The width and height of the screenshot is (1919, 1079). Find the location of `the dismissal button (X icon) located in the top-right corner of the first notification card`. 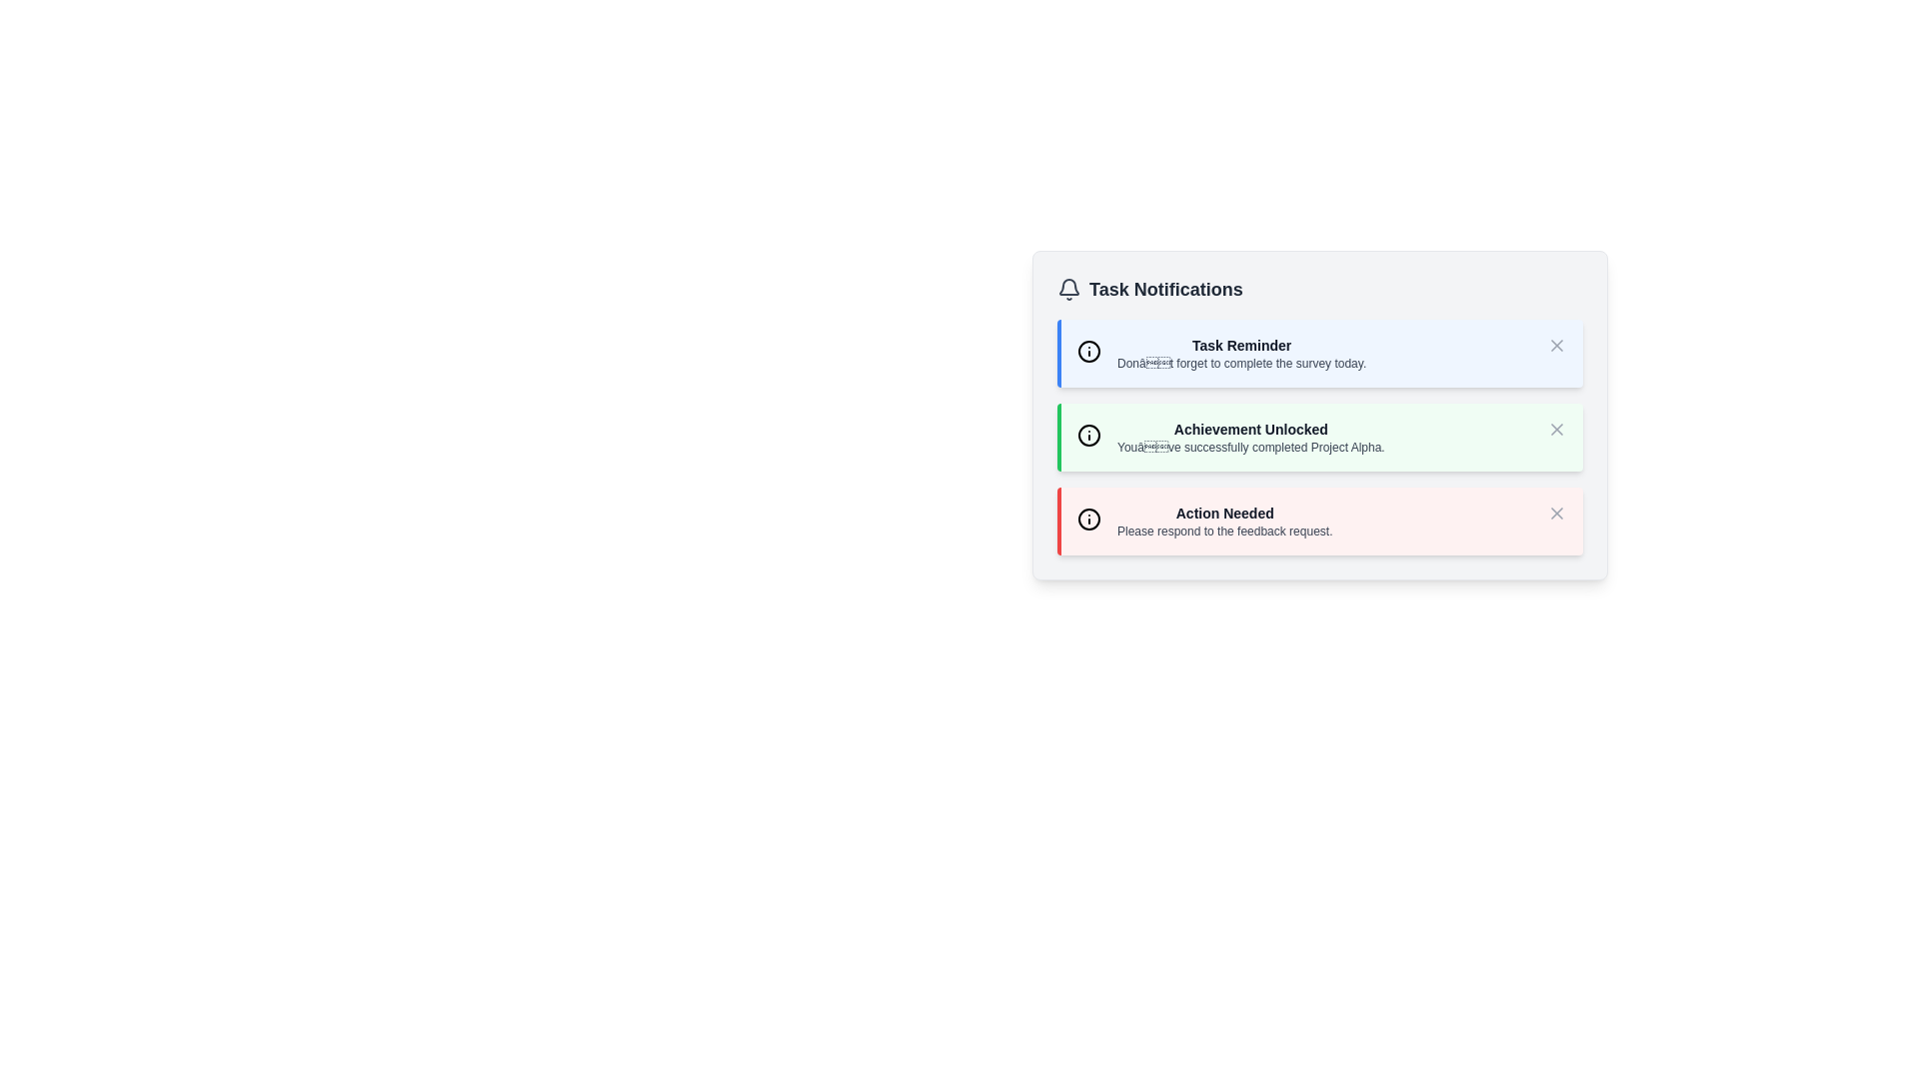

the dismissal button (X icon) located in the top-right corner of the first notification card is located at coordinates (1556, 345).